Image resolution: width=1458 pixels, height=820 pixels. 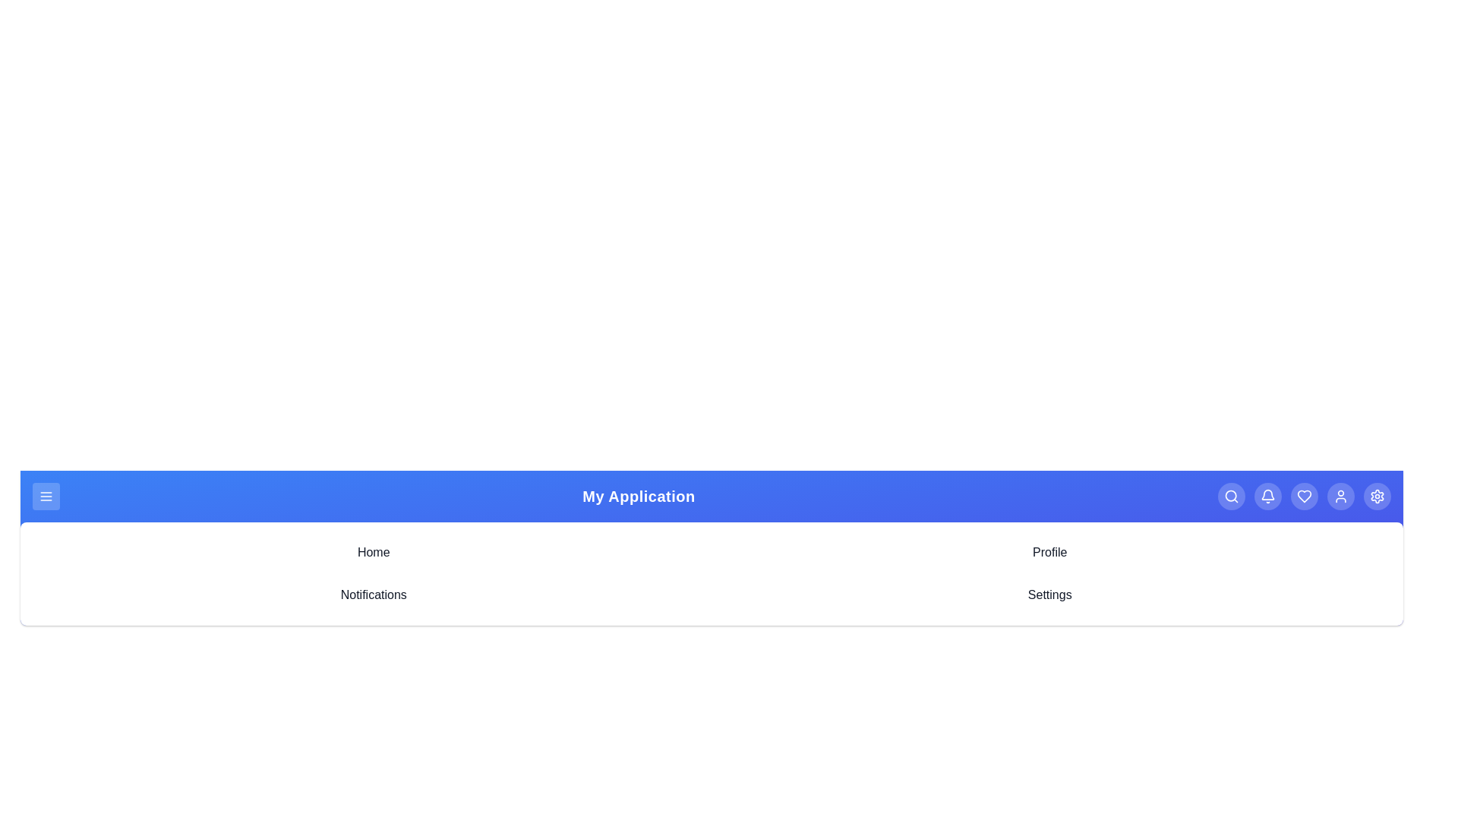 I want to click on hamburger menu button to toggle the menu, so click(x=46, y=497).